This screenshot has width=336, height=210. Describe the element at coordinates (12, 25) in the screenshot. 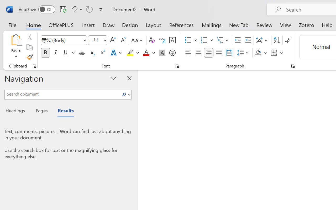

I see `'File Tab'` at that location.